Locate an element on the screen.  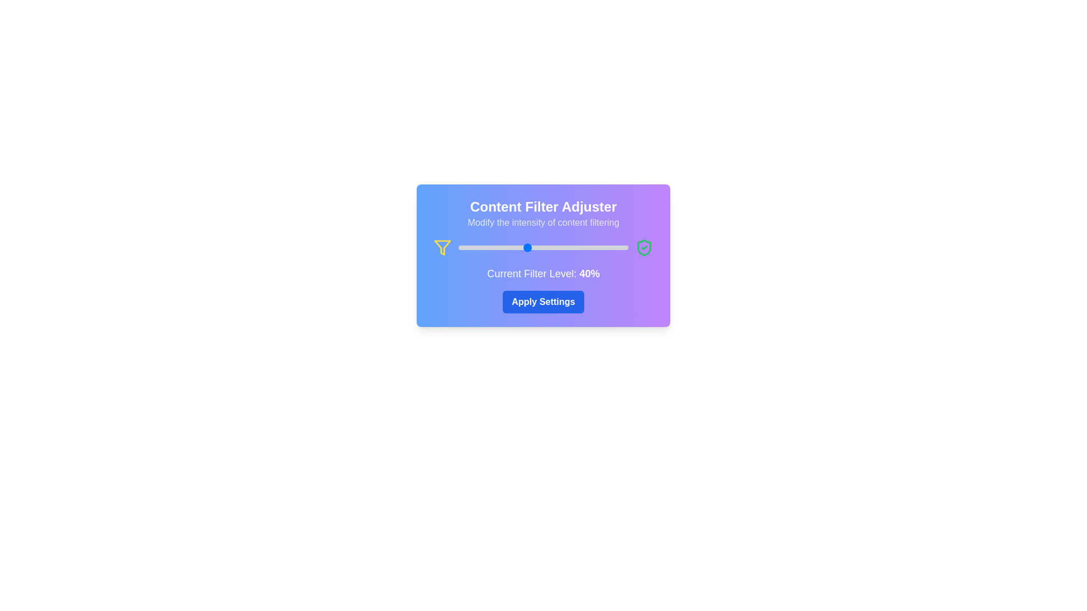
the content filter level to 85% by dragging the slider is located at coordinates (602, 247).